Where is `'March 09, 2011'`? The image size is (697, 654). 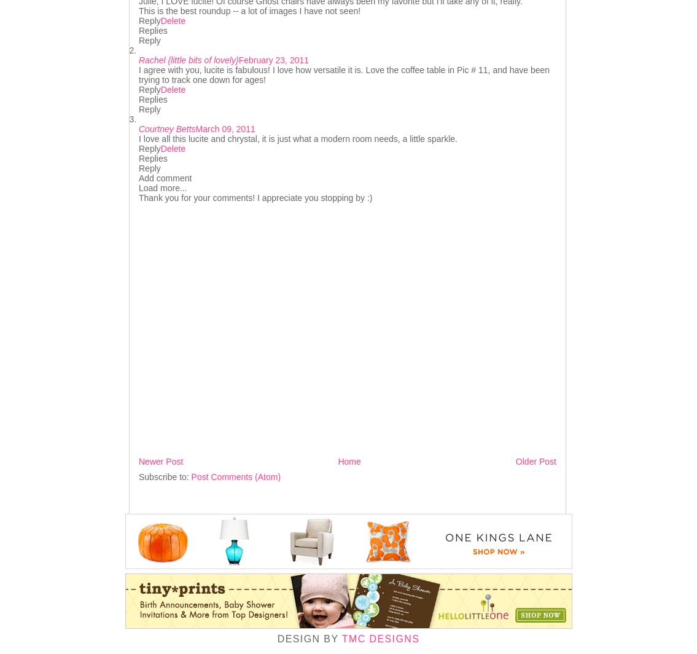
'March 09, 2011' is located at coordinates (225, 129).